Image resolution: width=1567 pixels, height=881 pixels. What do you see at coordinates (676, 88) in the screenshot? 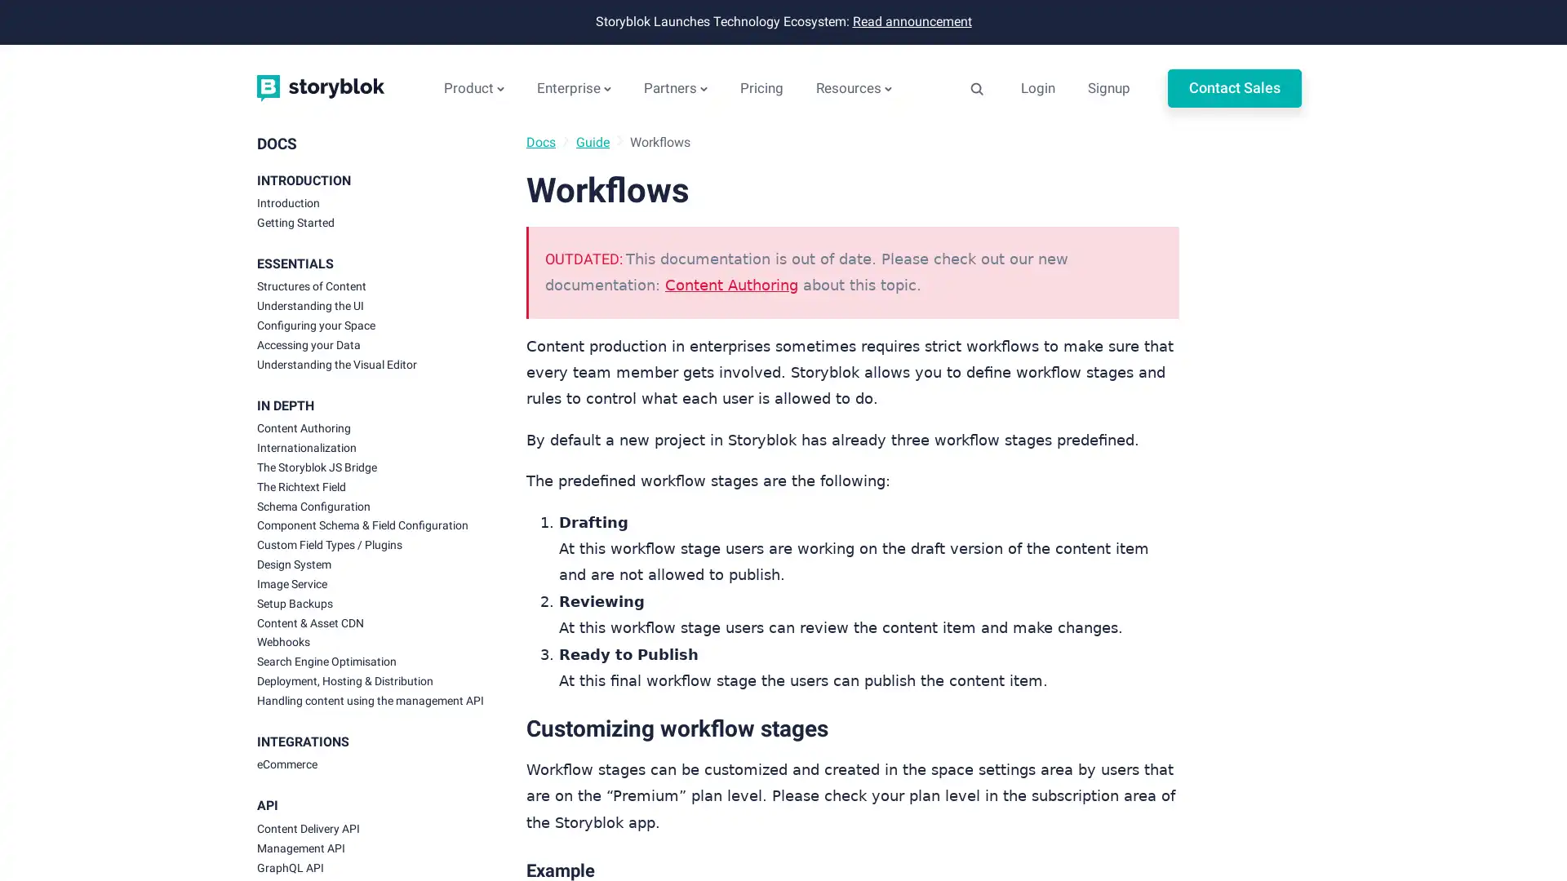
I see `Partners` at bounding box center [676, 88].